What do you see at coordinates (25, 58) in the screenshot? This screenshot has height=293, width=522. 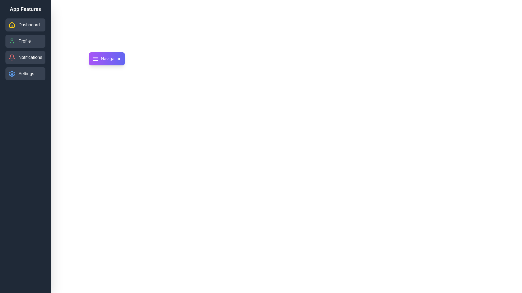 I see `the 'Notifications' button in the drawer` at bounding box center [25, 58].